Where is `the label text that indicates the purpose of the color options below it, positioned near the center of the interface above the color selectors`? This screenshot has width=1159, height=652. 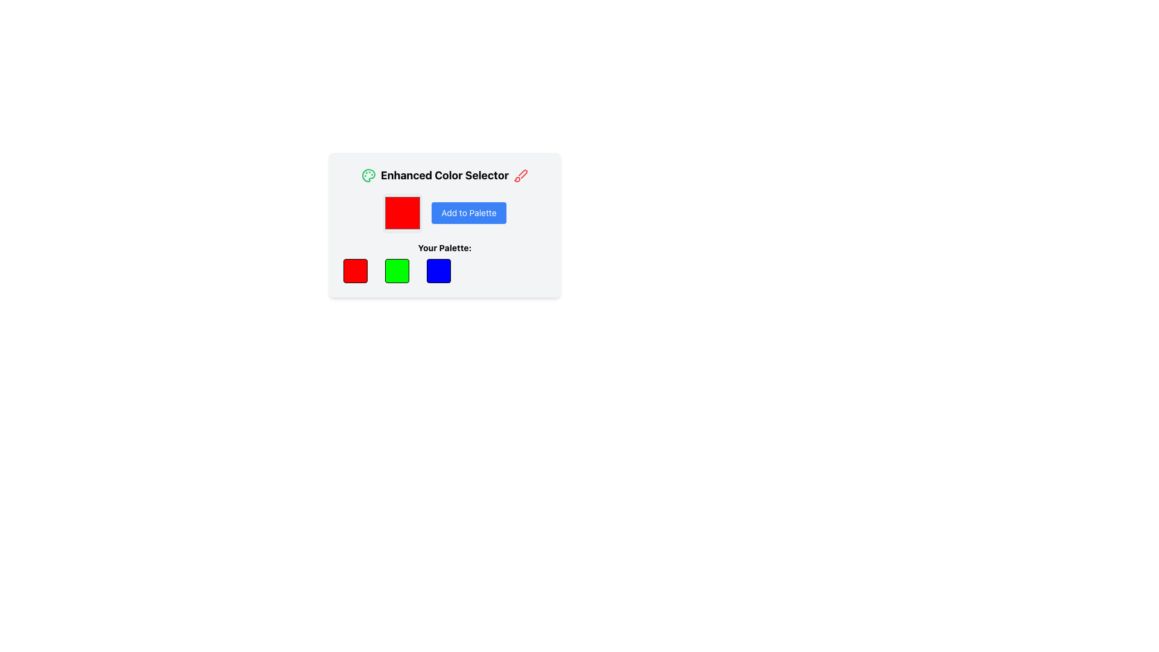
the label text that indicates the purpose of the color options below it, positioned near the center of the interface above the color selectors is located at coordinates (444, 248).